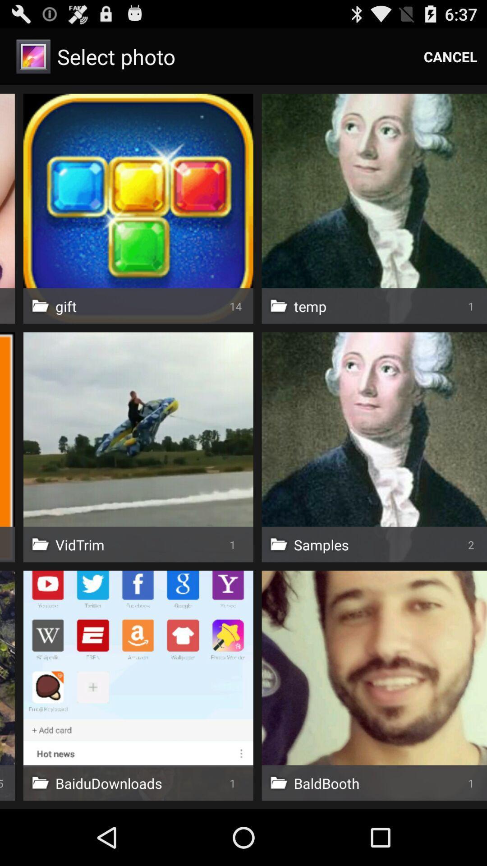  Describe the element at coordinates (450, 56) in the screenshot. I see `the cancel icon` at that location.